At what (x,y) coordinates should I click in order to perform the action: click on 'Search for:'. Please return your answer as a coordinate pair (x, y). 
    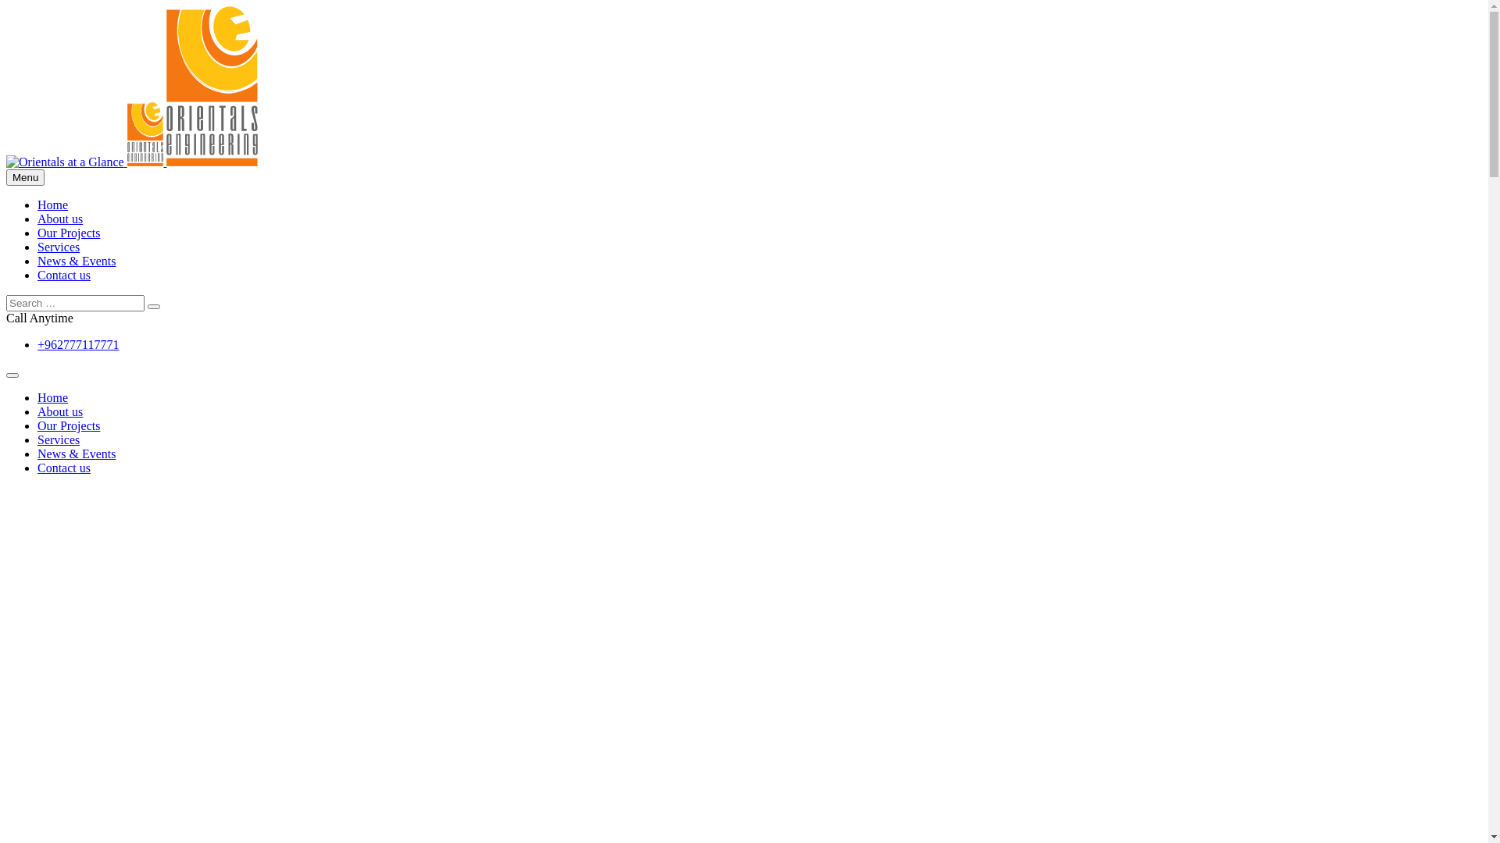
    Looking at the image, I should click on (74, 303).